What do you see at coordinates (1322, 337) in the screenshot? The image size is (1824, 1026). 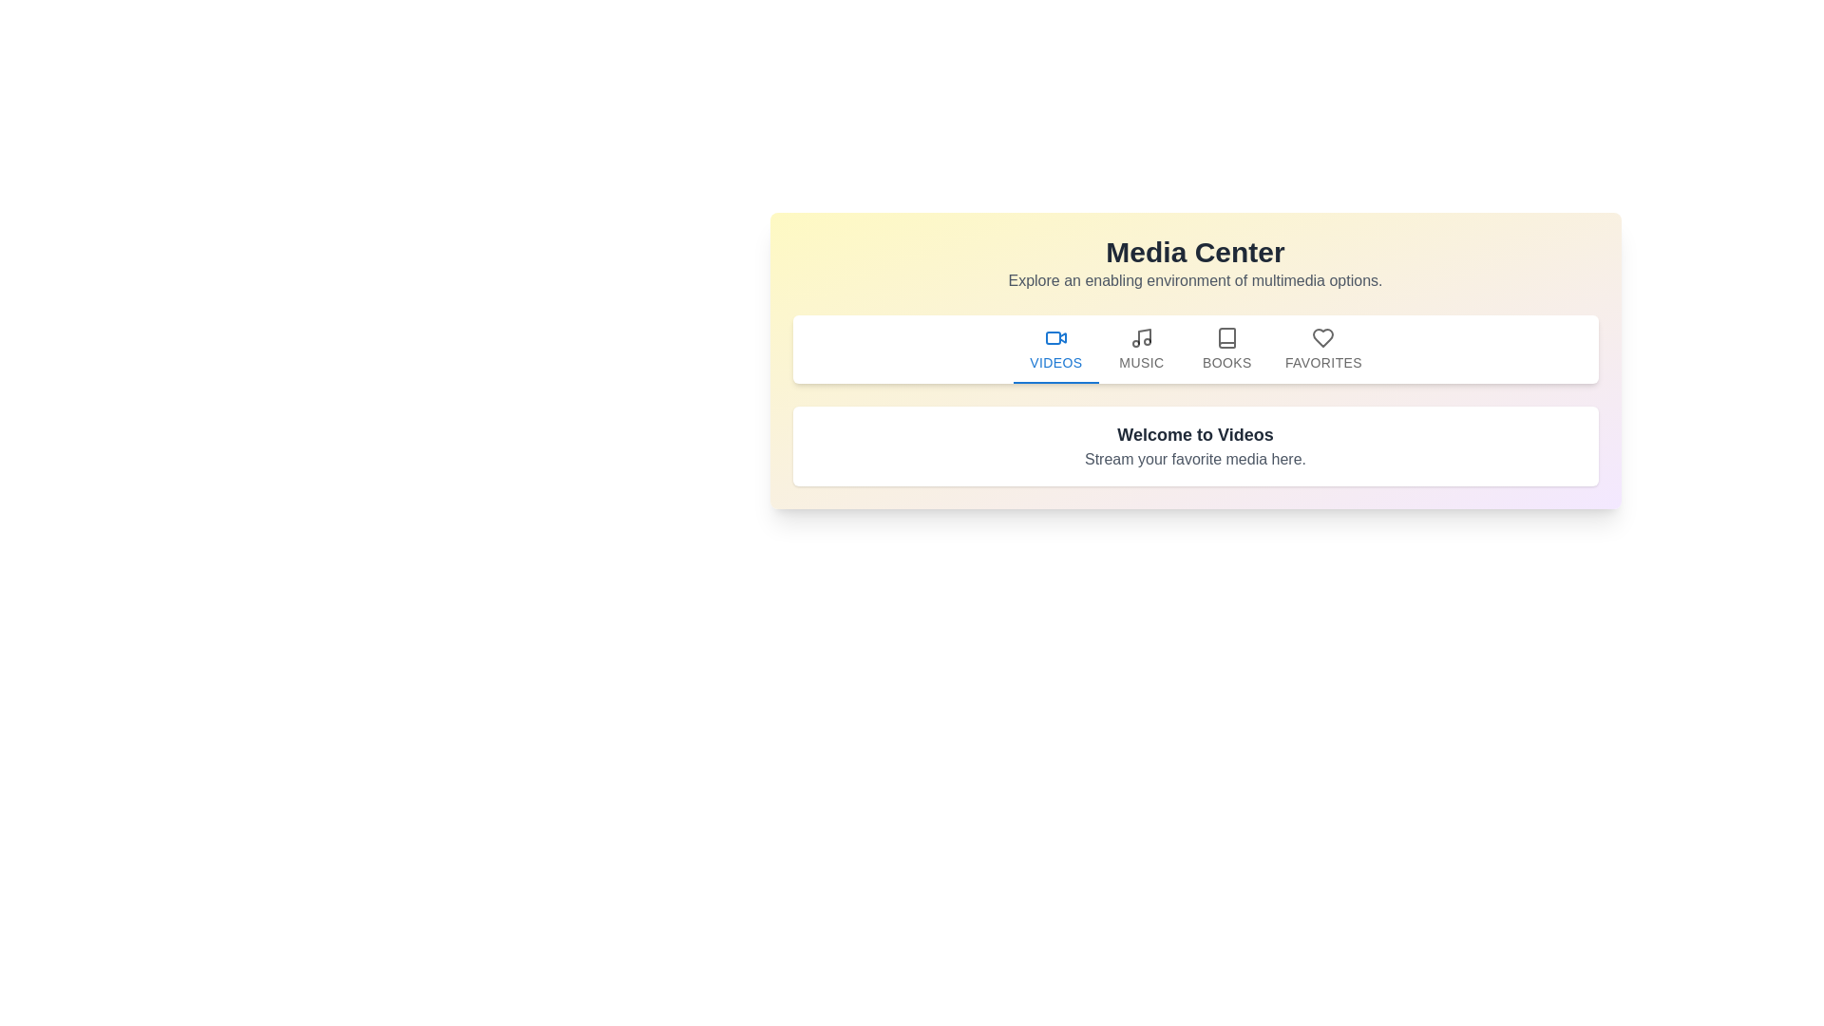 I see `the heart icon located above the 'FAVORITES' text, which is part of the tab interface in the upper section of the interface` at bounding box center [1322, 337].